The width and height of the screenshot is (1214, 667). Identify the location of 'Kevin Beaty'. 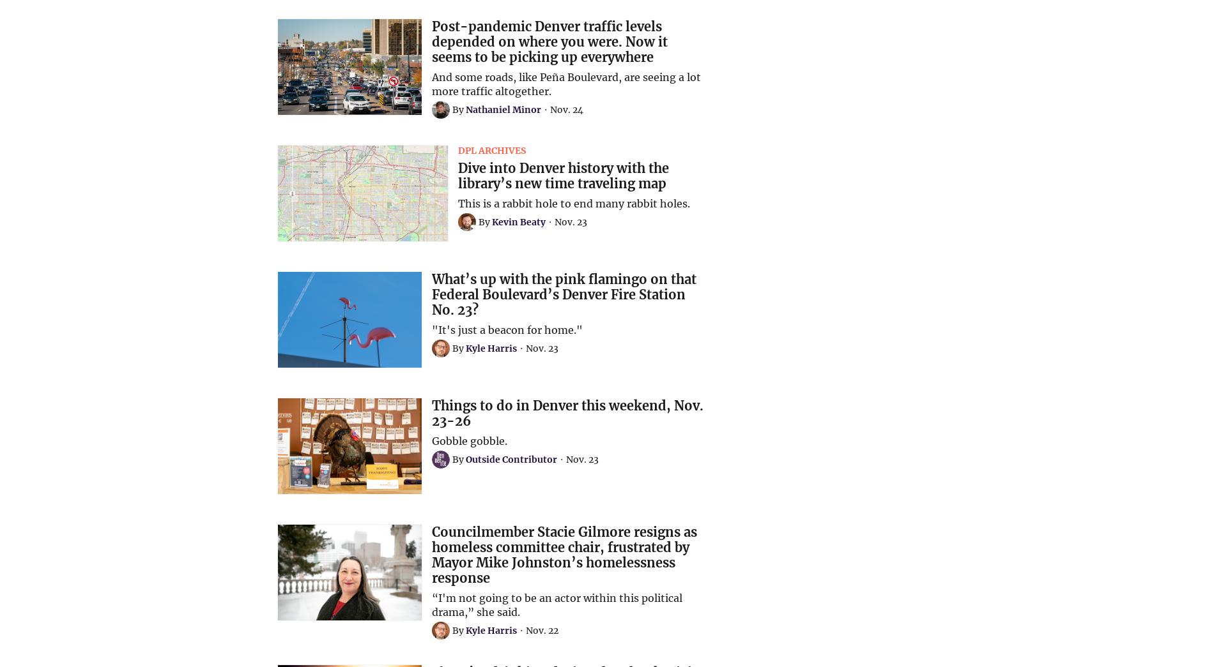
(491, 221).